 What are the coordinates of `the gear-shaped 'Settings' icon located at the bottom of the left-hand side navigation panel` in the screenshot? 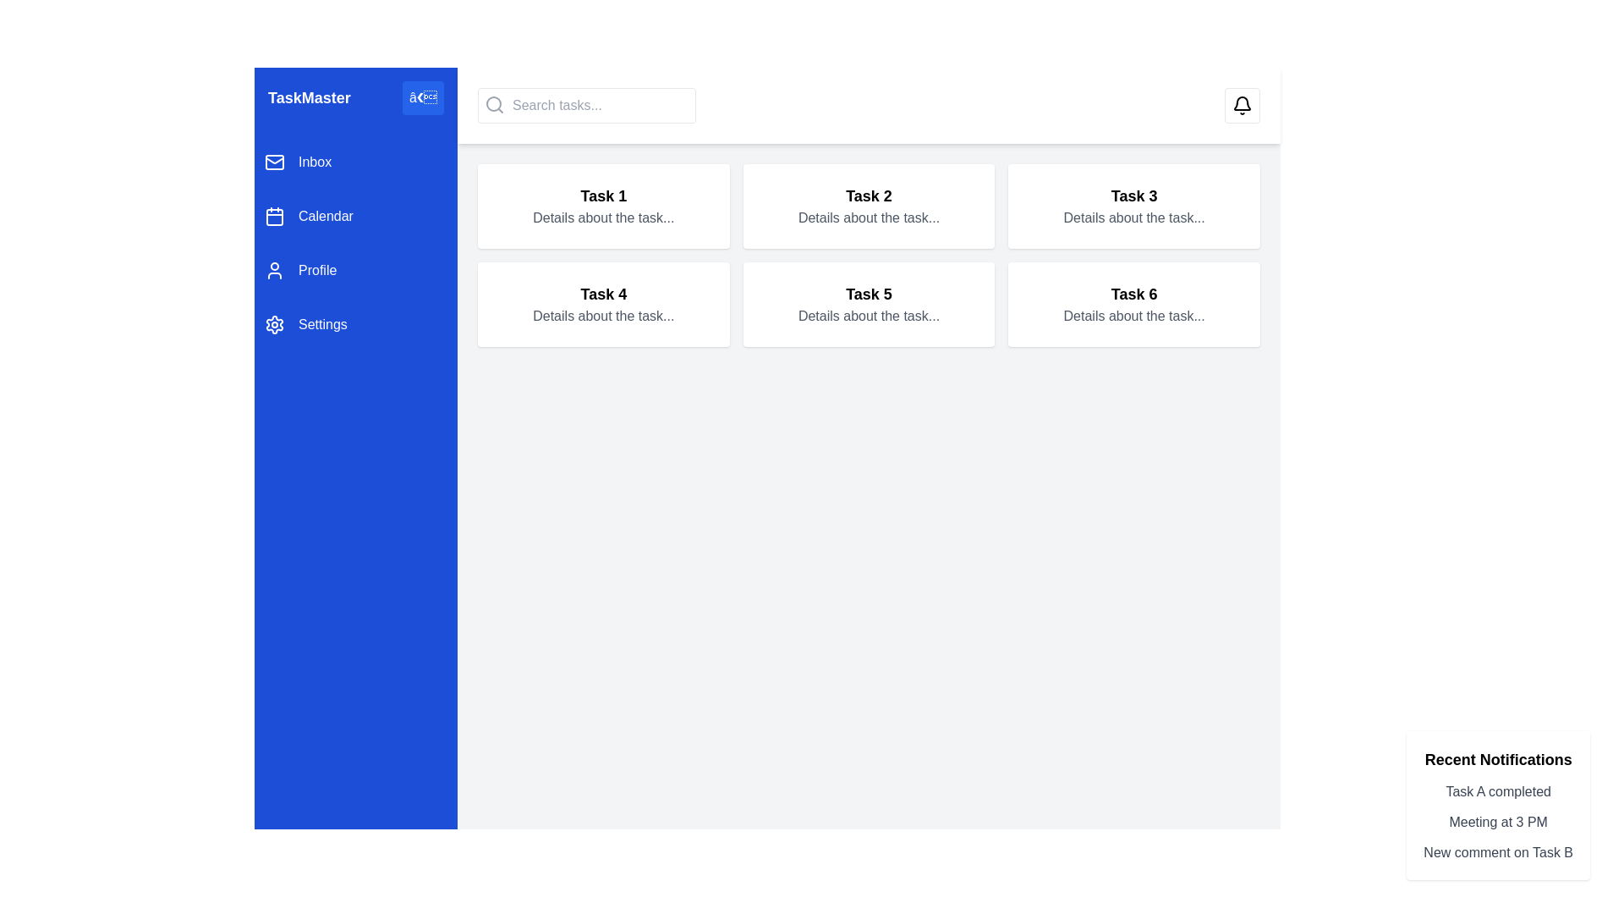 It's located at (275, 325).